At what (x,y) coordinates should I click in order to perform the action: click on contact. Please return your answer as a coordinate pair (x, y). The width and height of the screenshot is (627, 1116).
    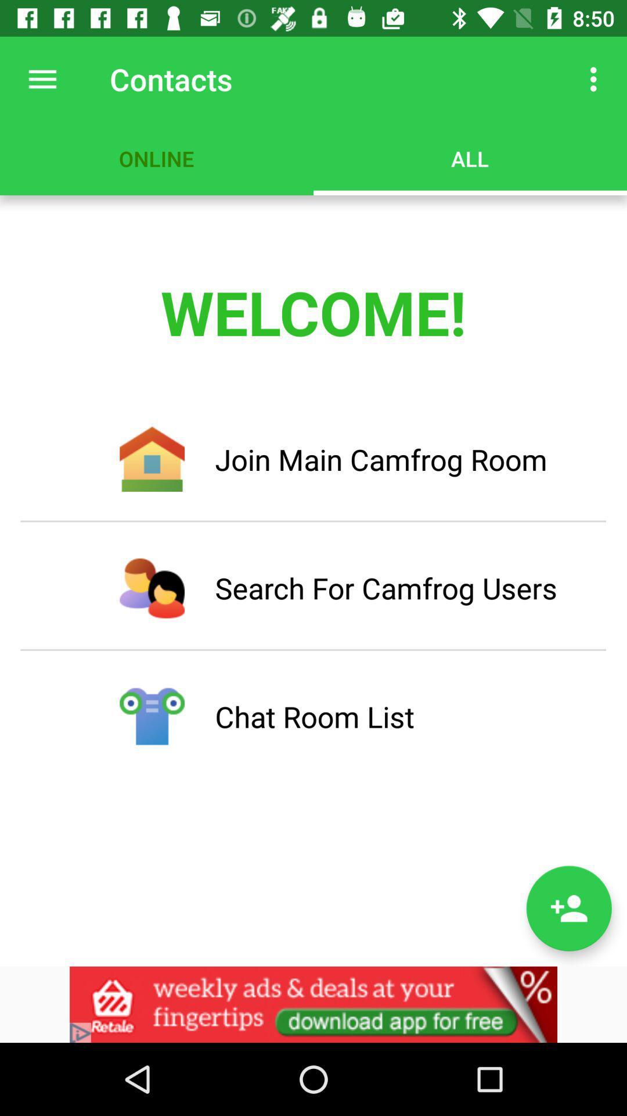
    Looking at the image, I should click on (568, 908).